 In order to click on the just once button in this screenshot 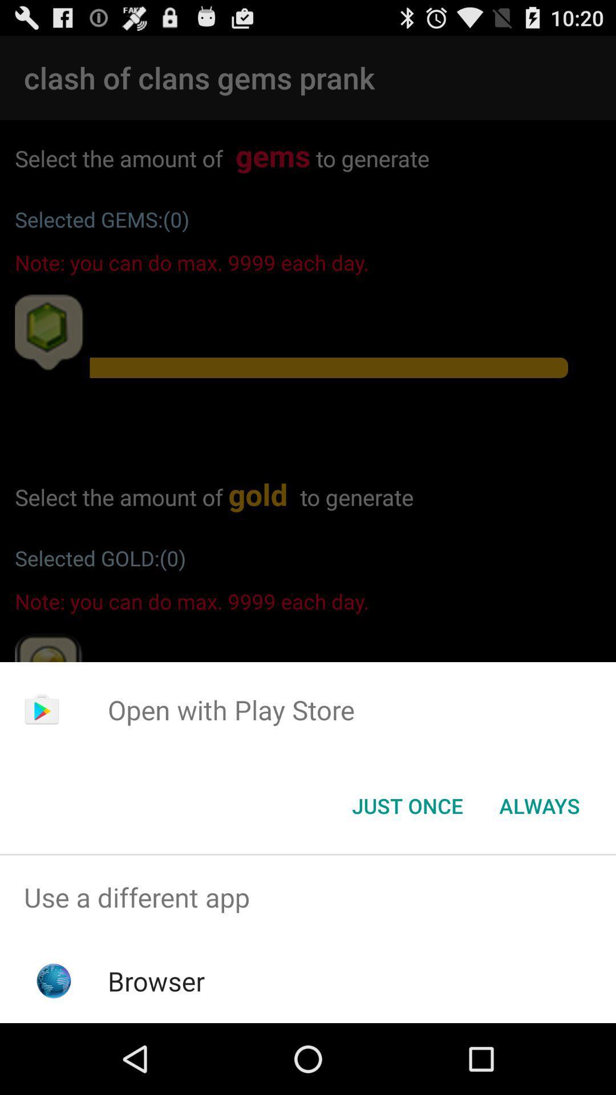, I will do `click(407, 805)`.